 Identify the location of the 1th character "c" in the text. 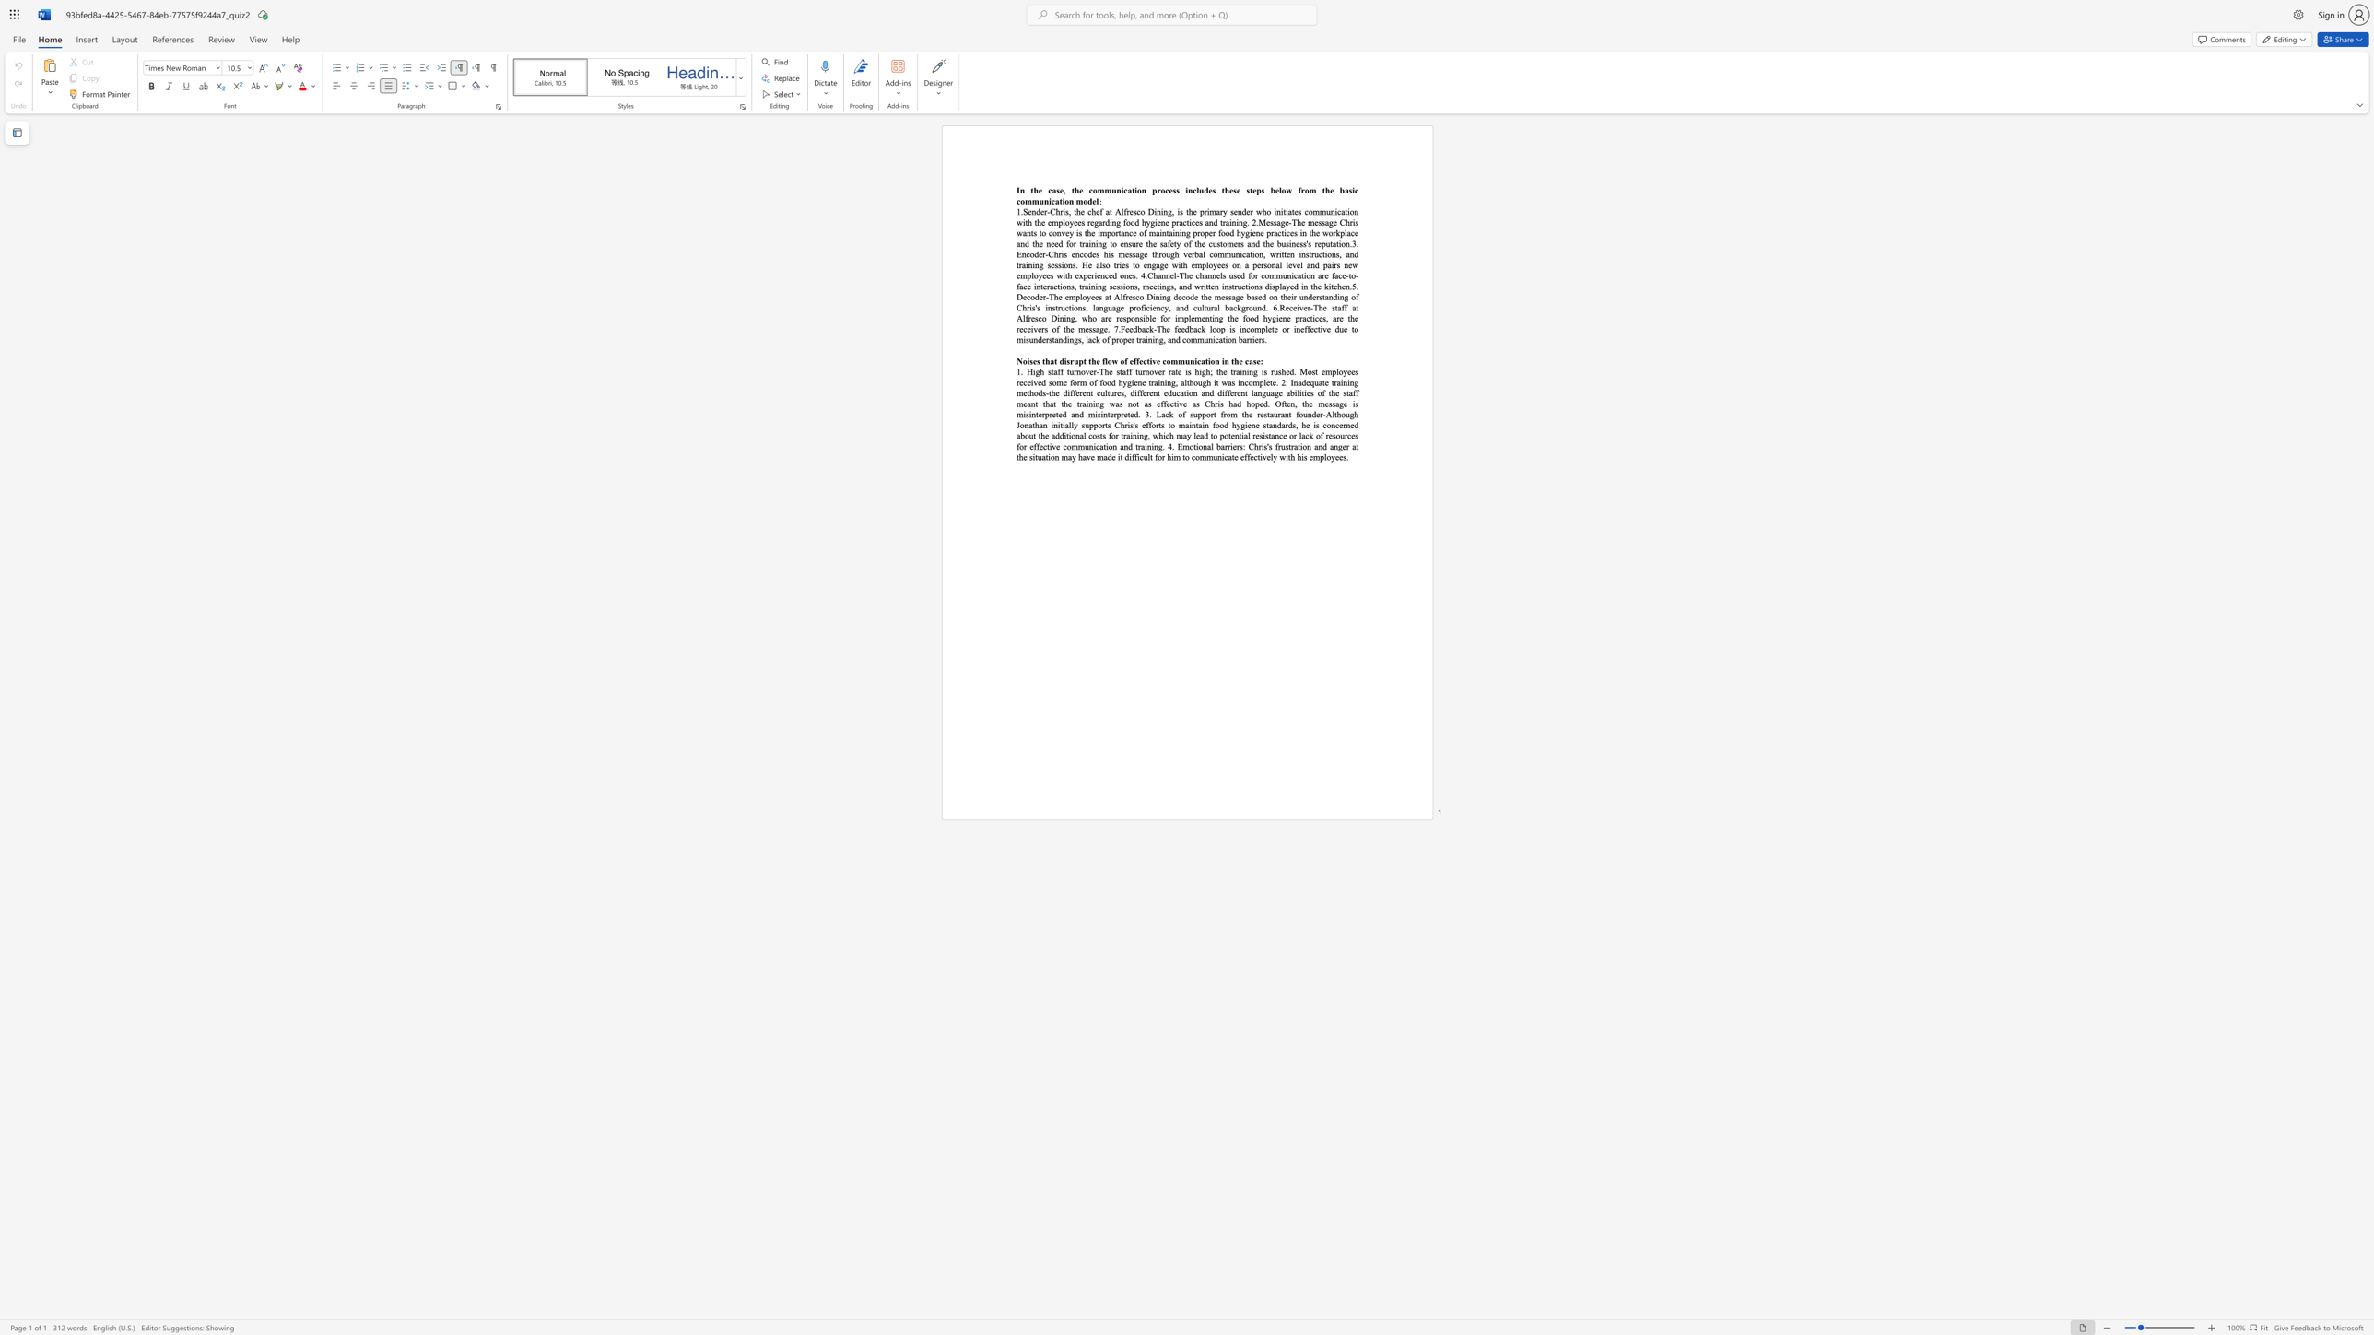
(1194, 307).